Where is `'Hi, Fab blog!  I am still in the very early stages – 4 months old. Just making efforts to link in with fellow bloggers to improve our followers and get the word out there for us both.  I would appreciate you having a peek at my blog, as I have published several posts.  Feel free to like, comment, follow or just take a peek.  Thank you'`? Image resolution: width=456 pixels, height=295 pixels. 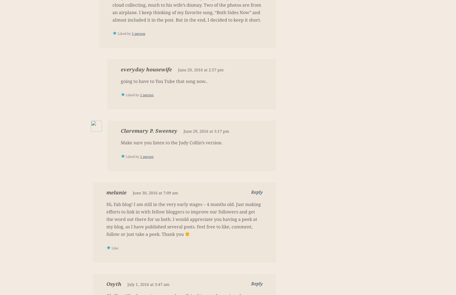
'Hi, Fab blog!  I am still in the very early stages – 4 months old. Just making efforts to link in with fellow bloggers to improve our followers and get the word out there for us both.  I would appreciate you having a peek at my blog, as I have published several posts.  Feel free to like, comment, follow or just take a peek.  Thank you' is located at coordinates (106, 219).